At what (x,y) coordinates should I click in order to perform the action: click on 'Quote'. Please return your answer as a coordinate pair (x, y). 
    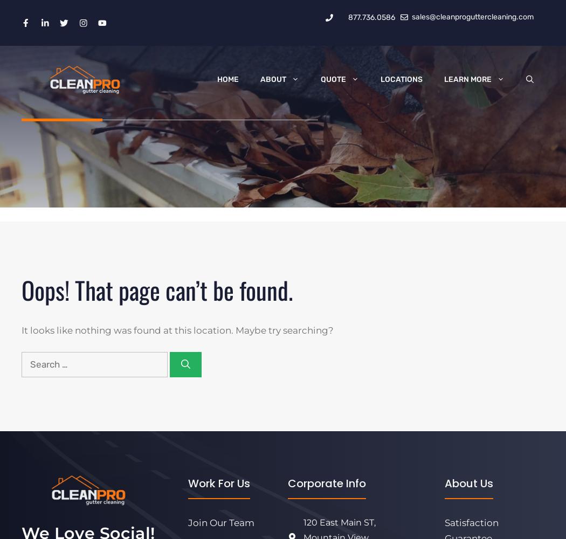
    Looking at the image, I should click on (333, 79).